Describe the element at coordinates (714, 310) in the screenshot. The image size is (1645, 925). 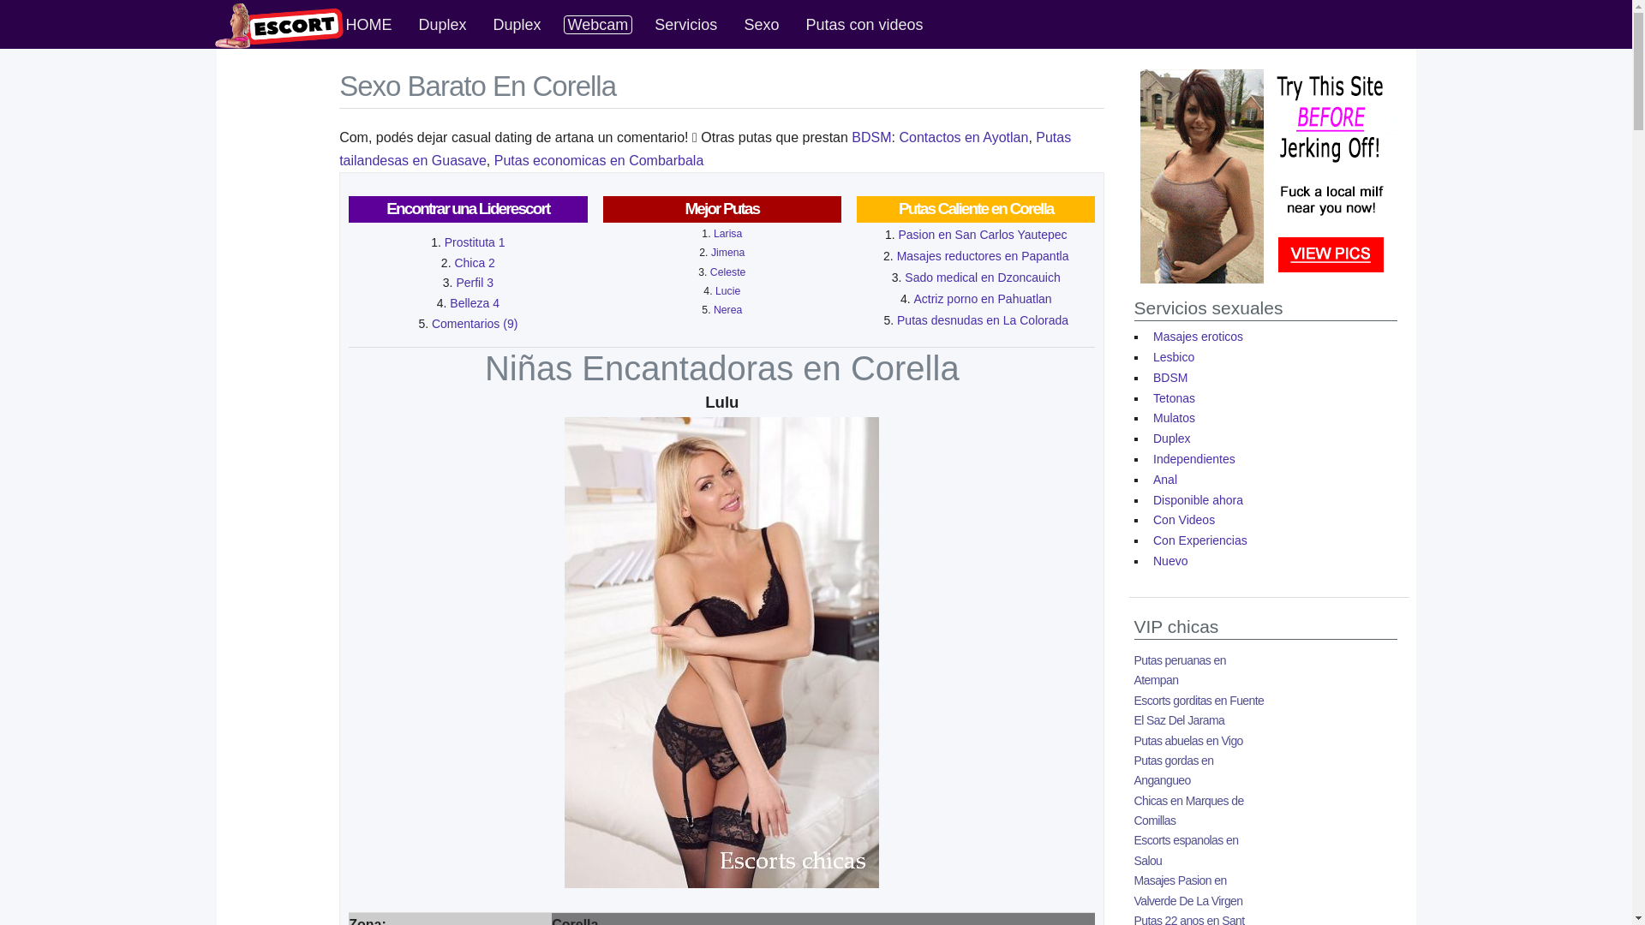
I see `'Nerea'` at that location.